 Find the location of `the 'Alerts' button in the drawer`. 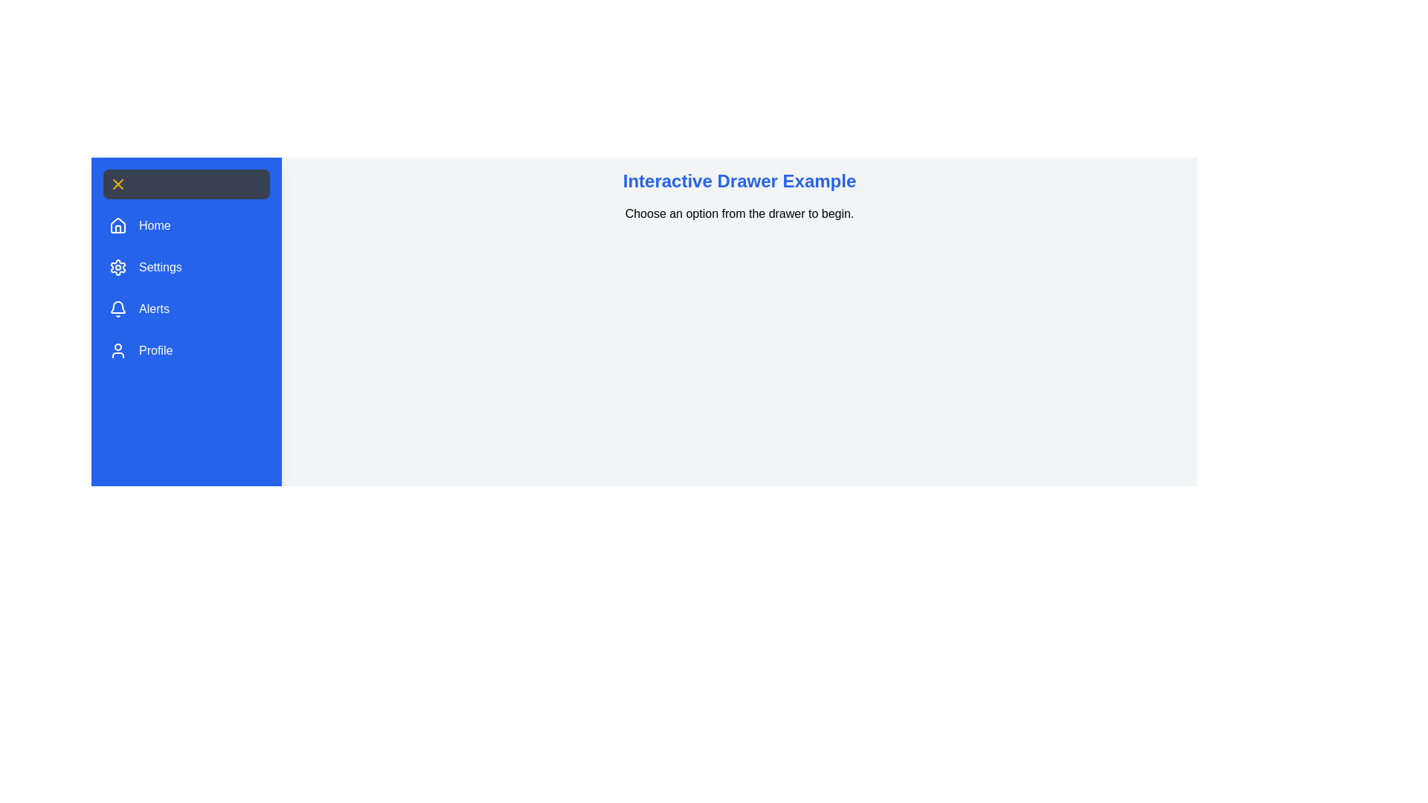

the 'Alerts' button in the drawer is located at coordinates (139, 309).